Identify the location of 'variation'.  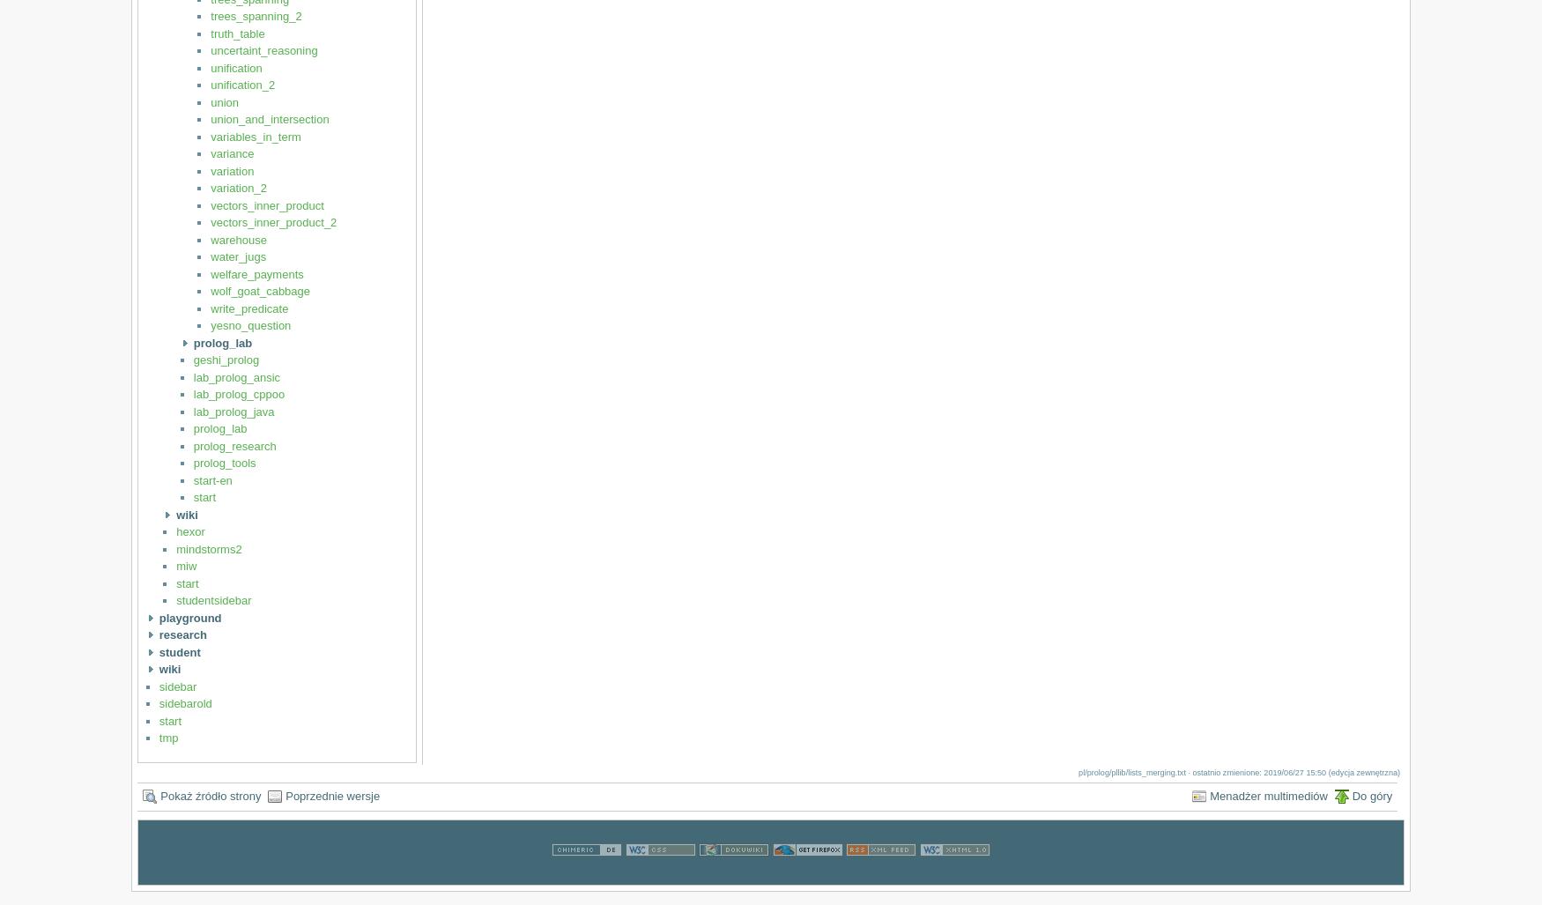
(231, 169).